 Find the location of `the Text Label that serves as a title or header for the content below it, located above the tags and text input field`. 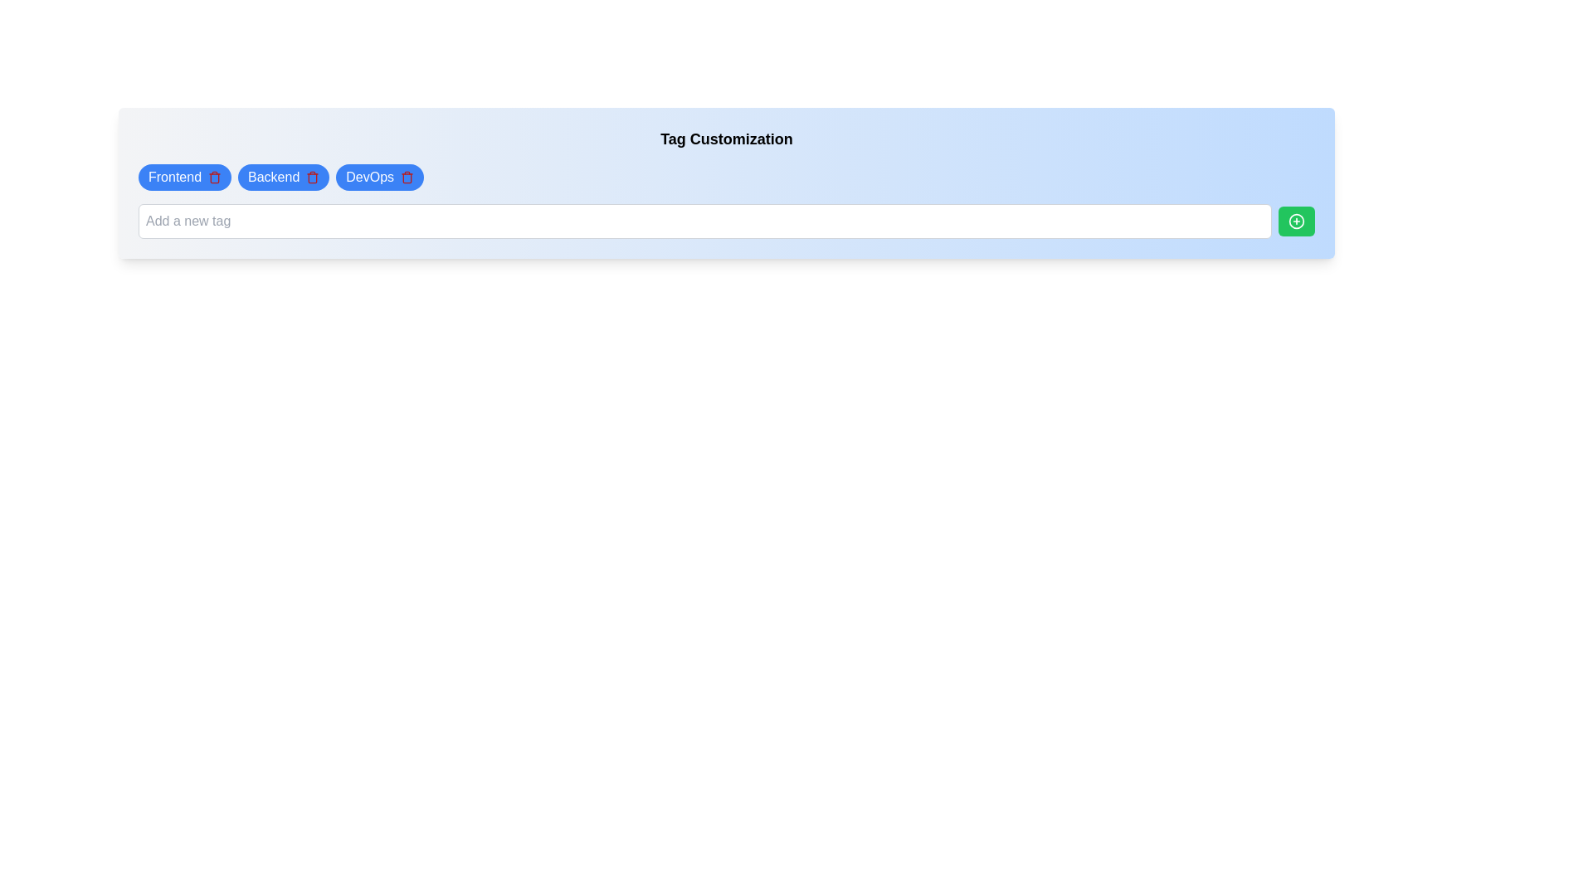

the Text Label that serves as a title or header for the content below it, located above the tags and text input field is located at coordinates (726, 139).